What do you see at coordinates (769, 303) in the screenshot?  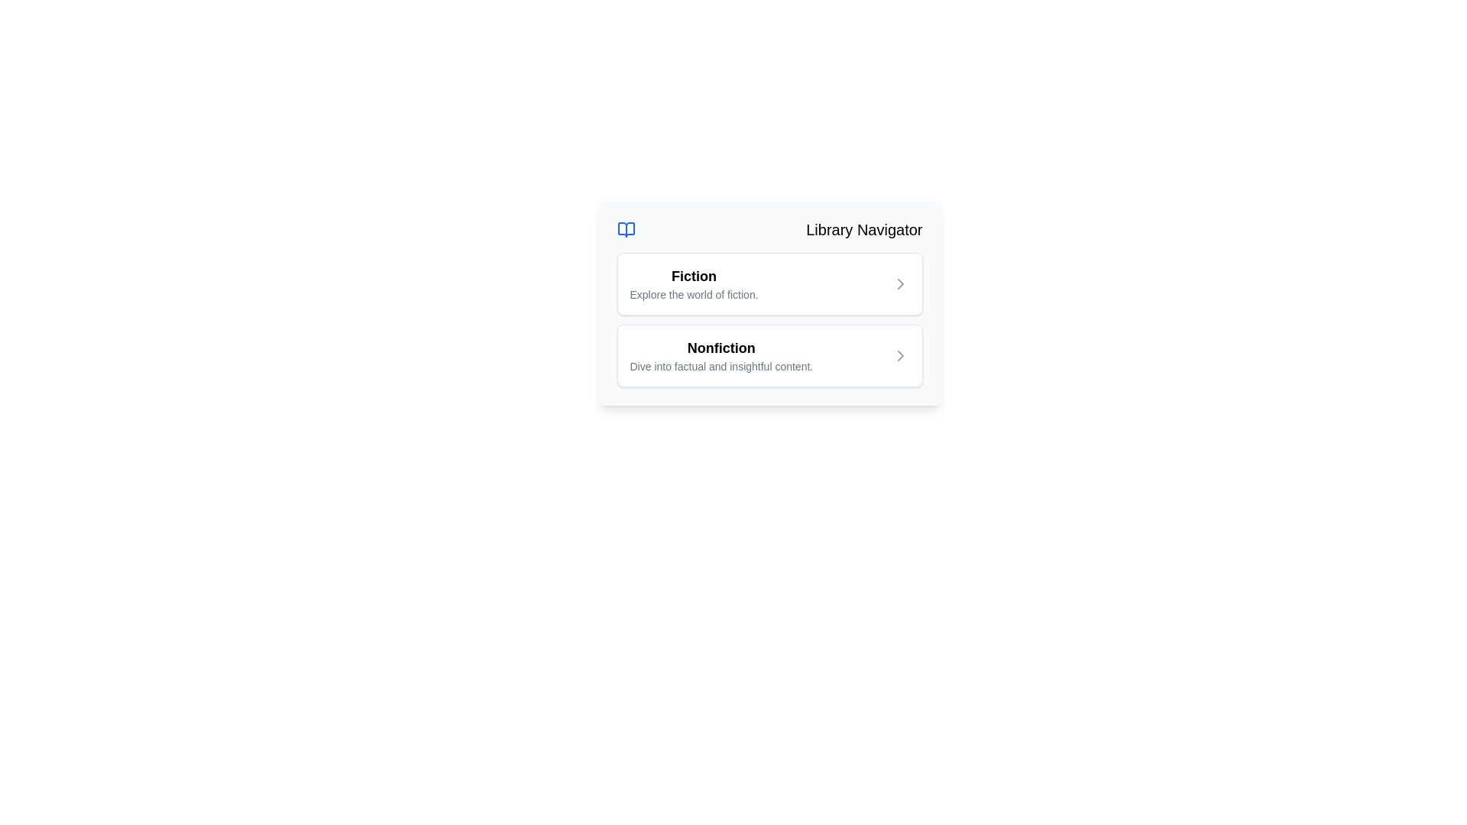 I see `the first interactive card in the Library Navigator section` at bounding box center [769, 303].